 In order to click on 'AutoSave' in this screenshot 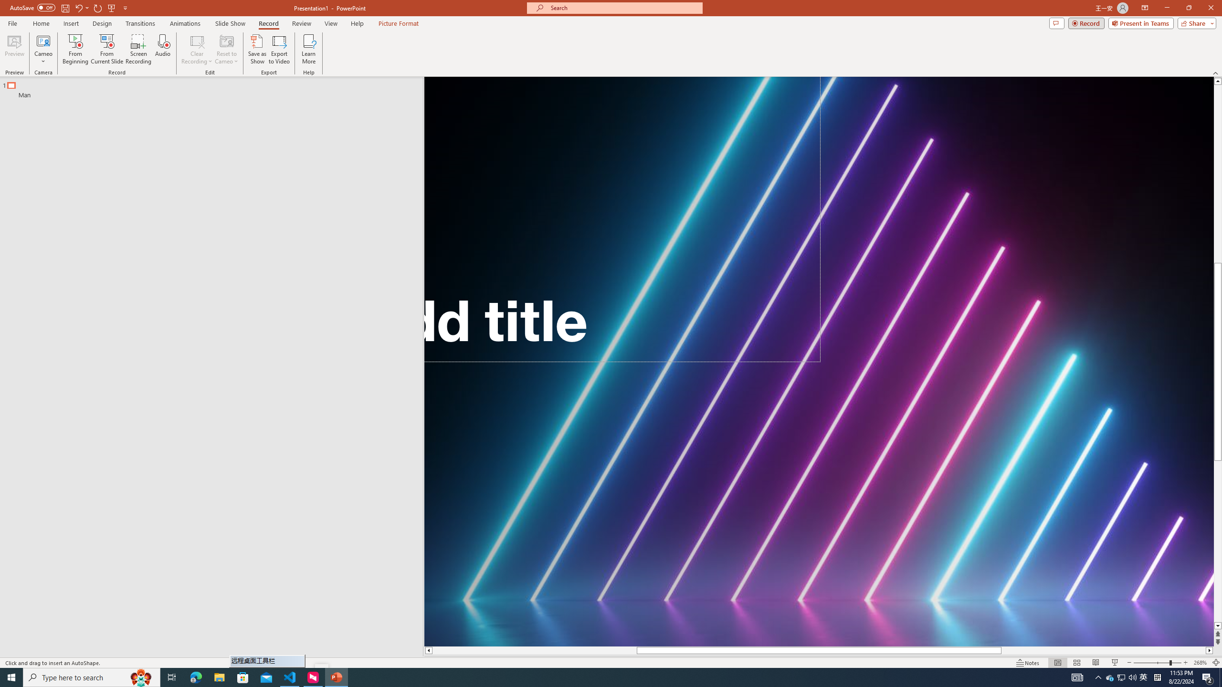, I will do `click(33, 7)`.